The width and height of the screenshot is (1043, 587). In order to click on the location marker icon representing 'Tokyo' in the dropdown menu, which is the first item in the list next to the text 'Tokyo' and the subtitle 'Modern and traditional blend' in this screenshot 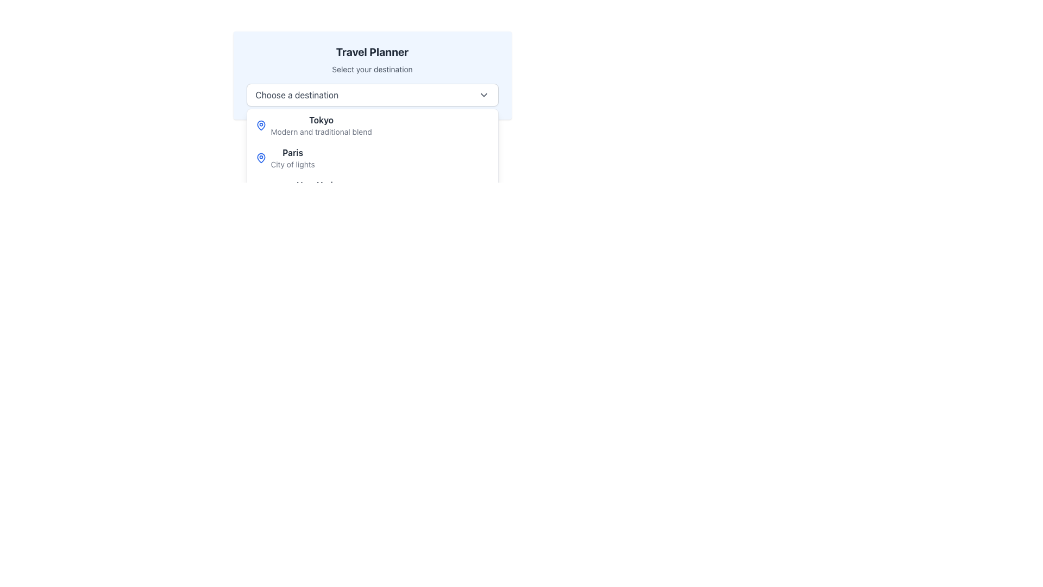, I will do `click(261, 125)`.